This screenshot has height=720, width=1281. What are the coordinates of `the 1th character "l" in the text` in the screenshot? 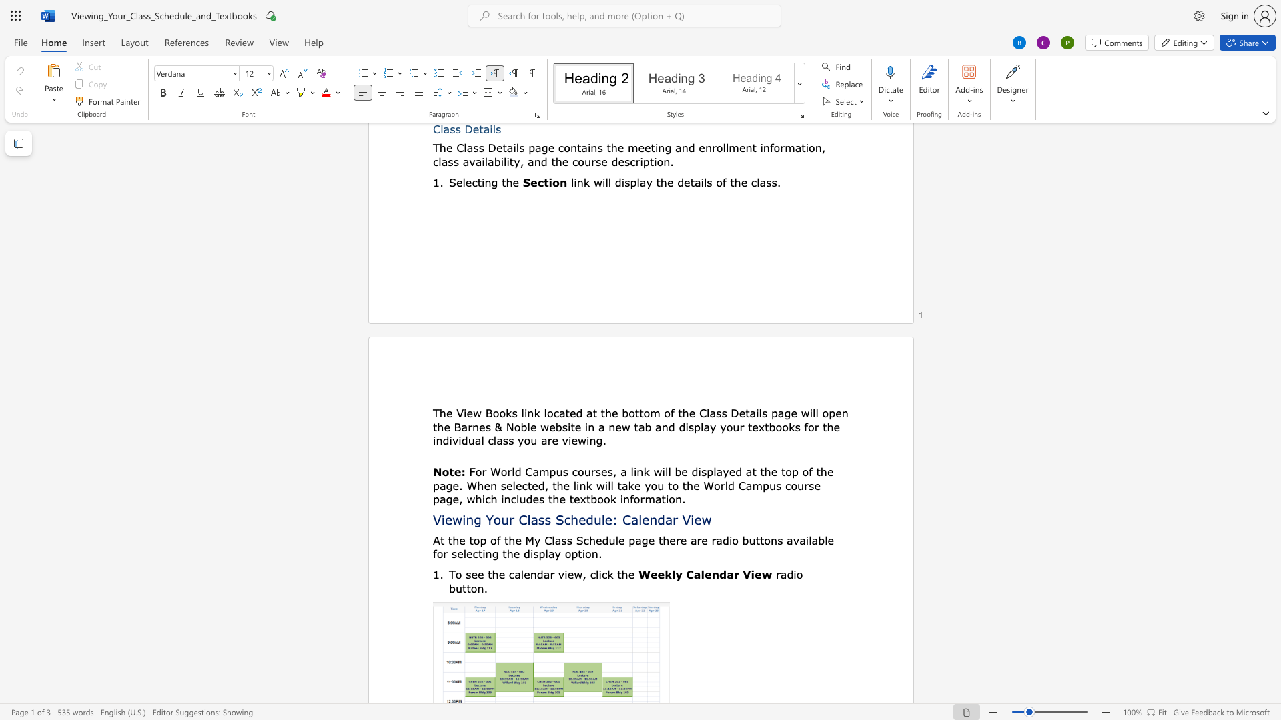 It's located at (521, 573).